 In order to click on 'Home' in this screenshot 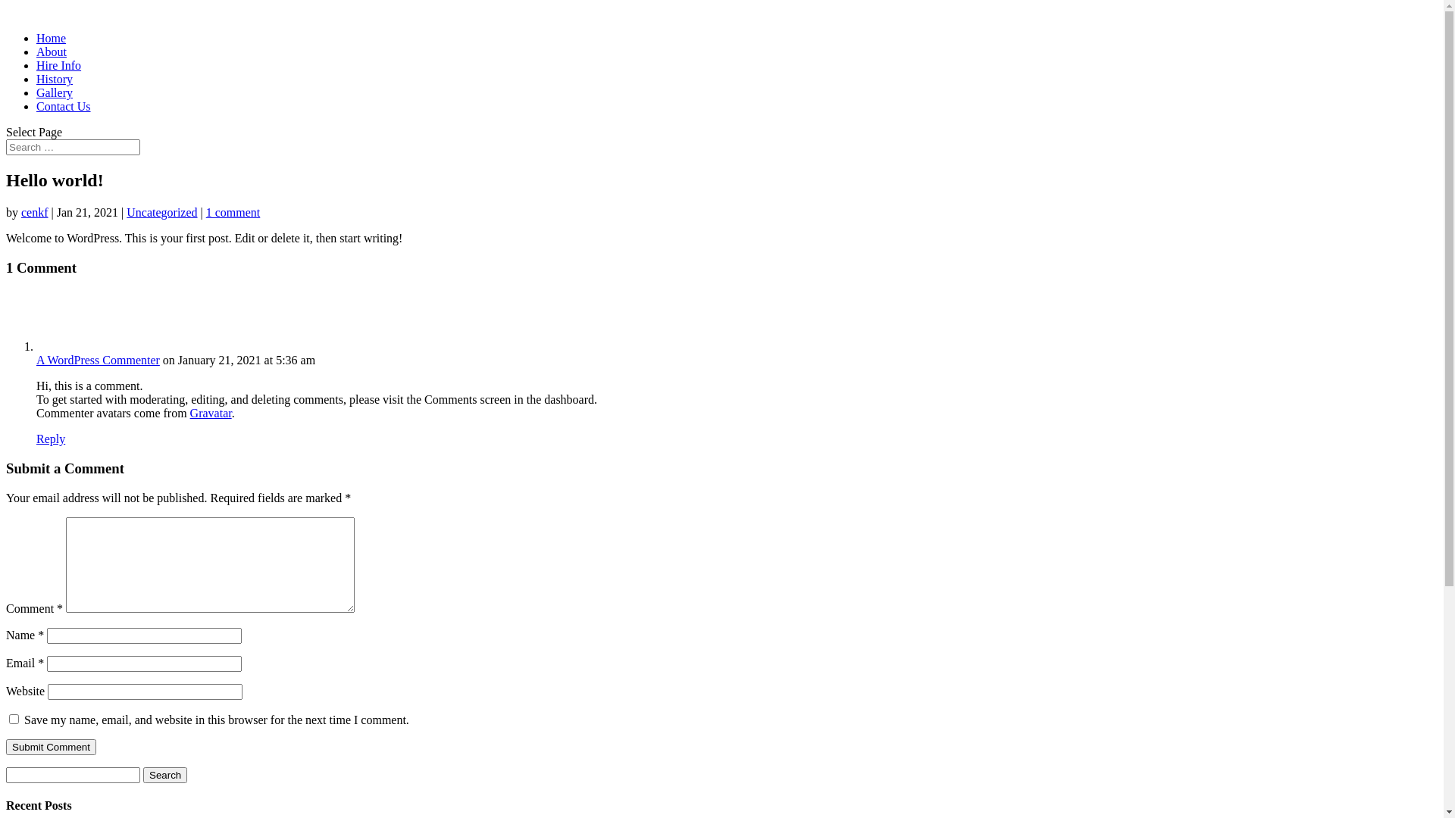, I will do `click(51, 37)`.